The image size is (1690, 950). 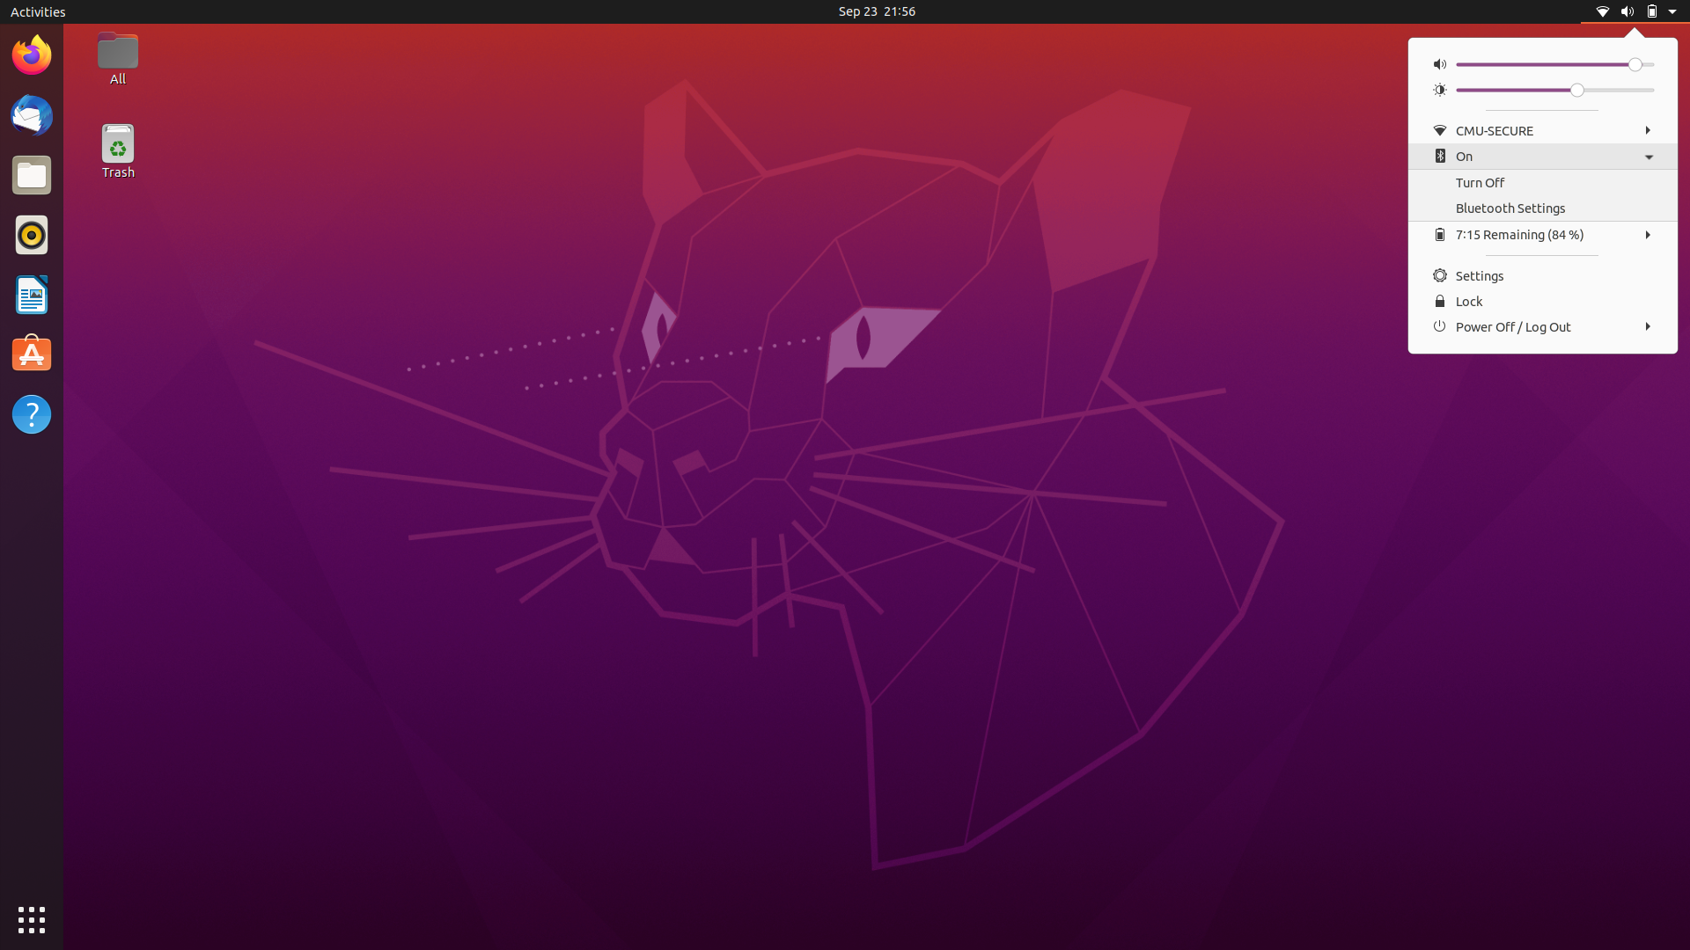 I want to click on Assistance application, so click(x=33, y=415).